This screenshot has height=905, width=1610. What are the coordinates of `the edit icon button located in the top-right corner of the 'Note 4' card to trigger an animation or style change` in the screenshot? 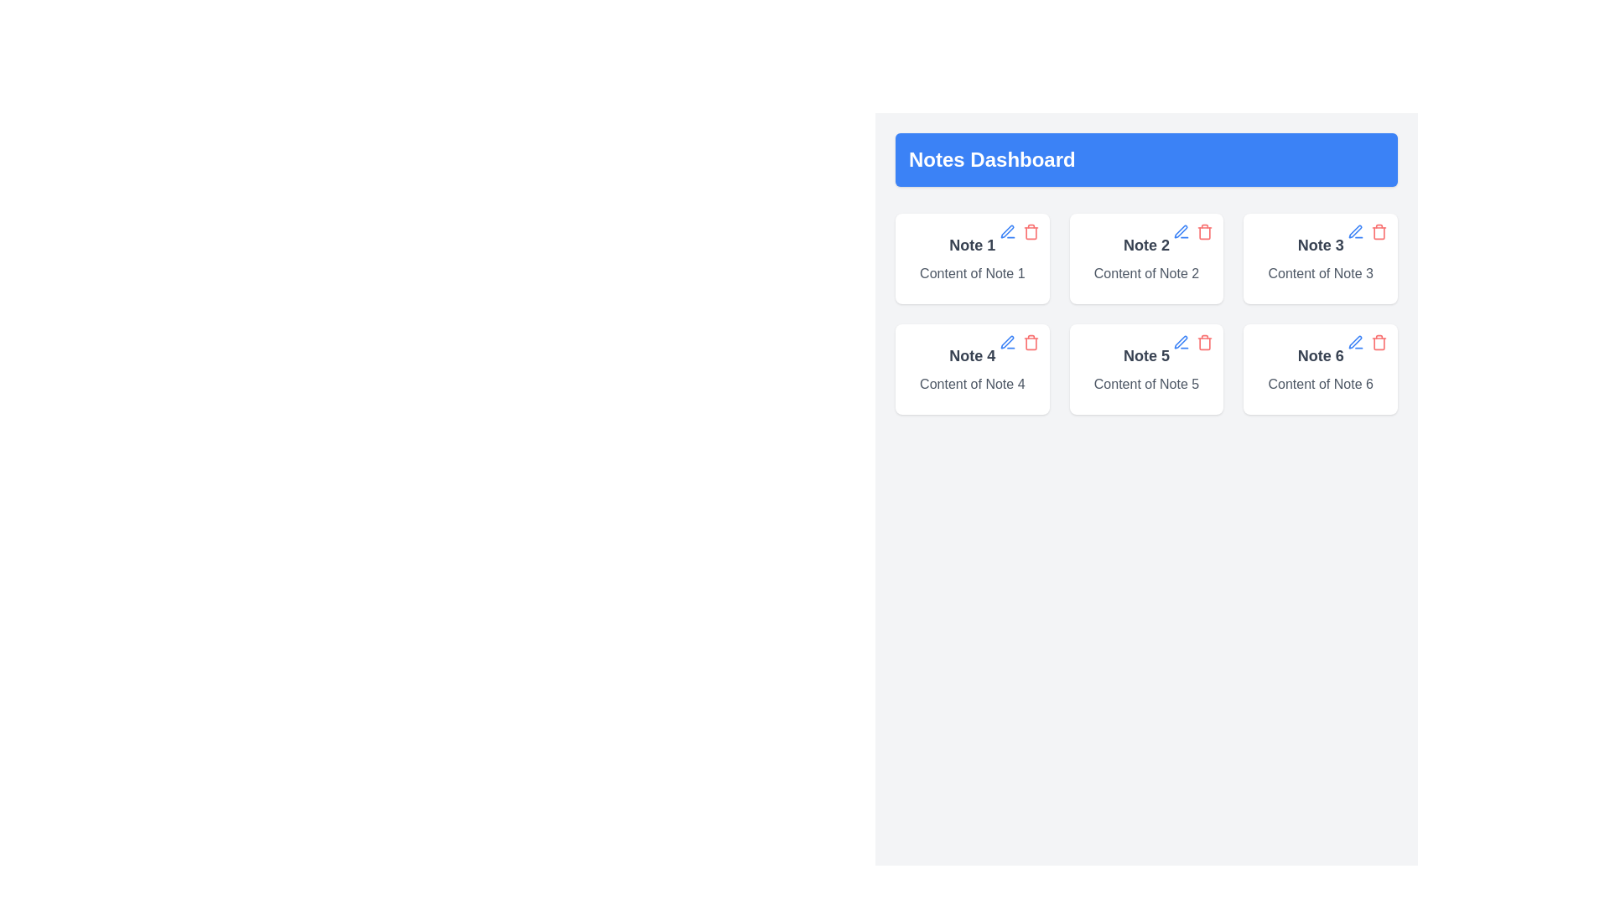 It's located at (1006, 341).